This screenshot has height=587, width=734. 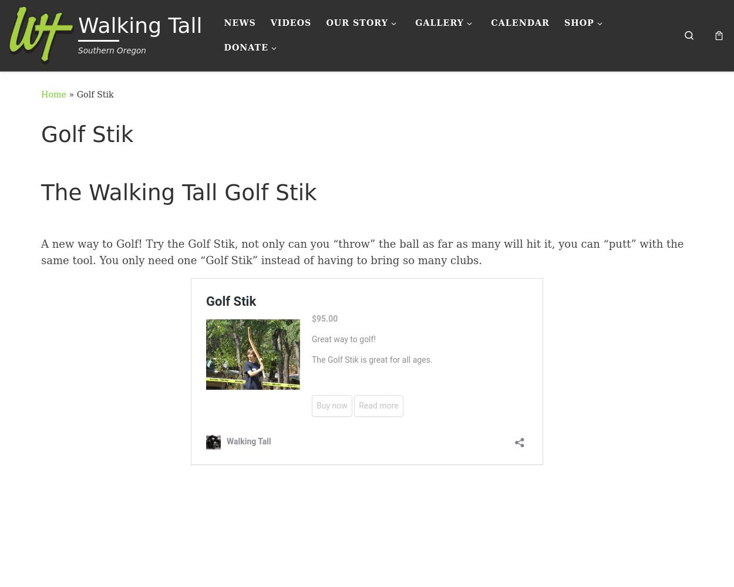 I want to click on 'About Us', so click(x=338, y=86).